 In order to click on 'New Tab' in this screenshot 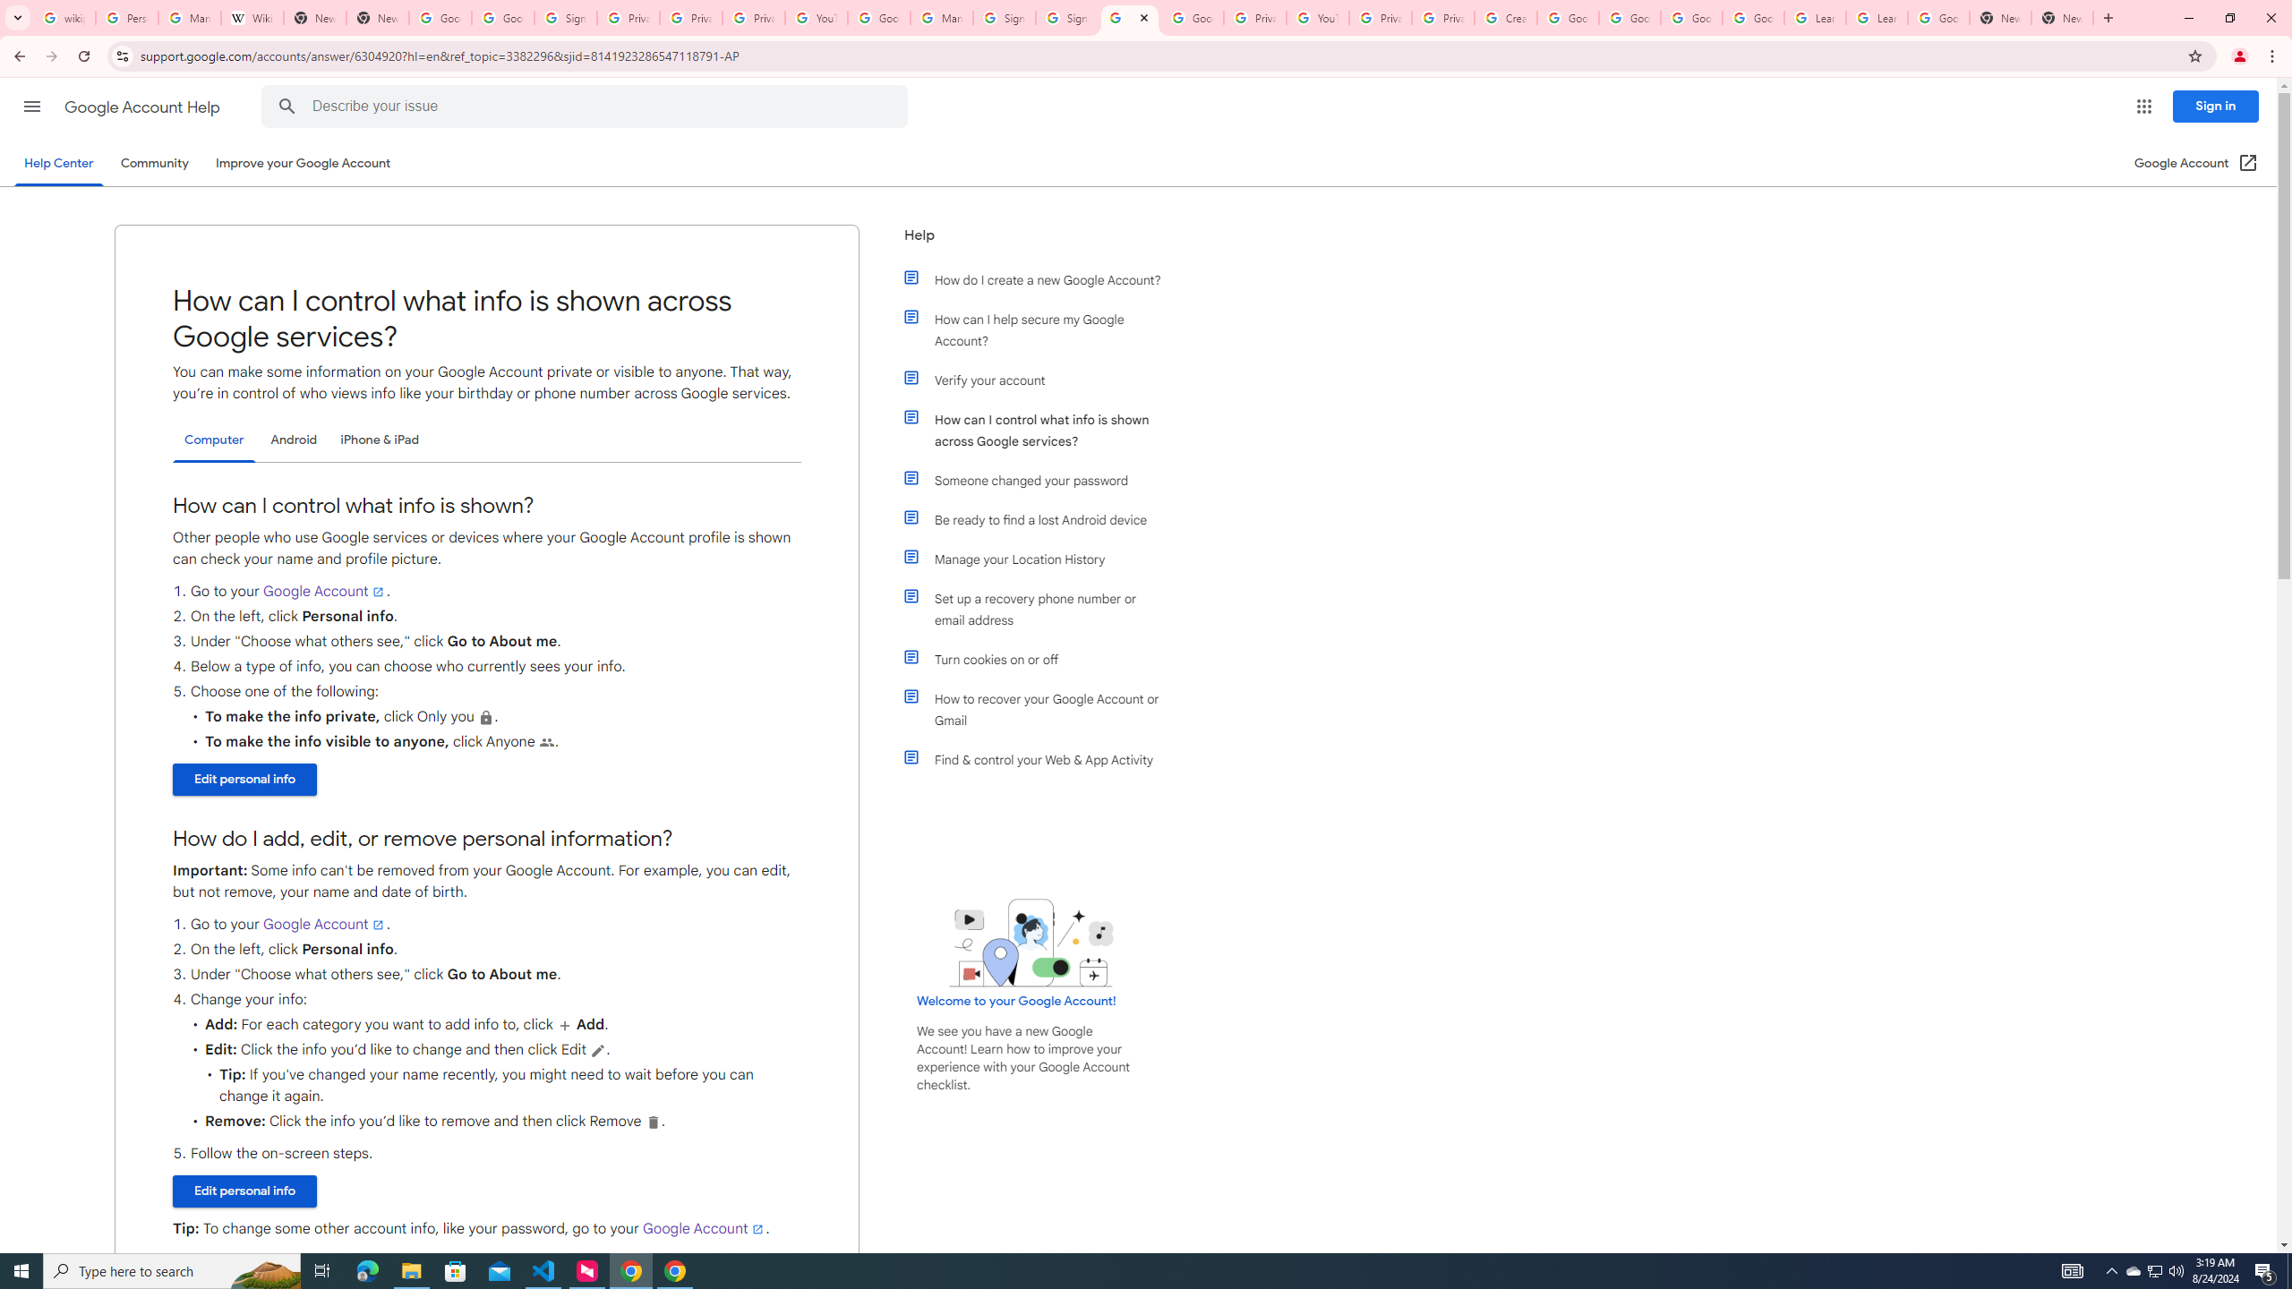, I will do `click(1999, 17)`.